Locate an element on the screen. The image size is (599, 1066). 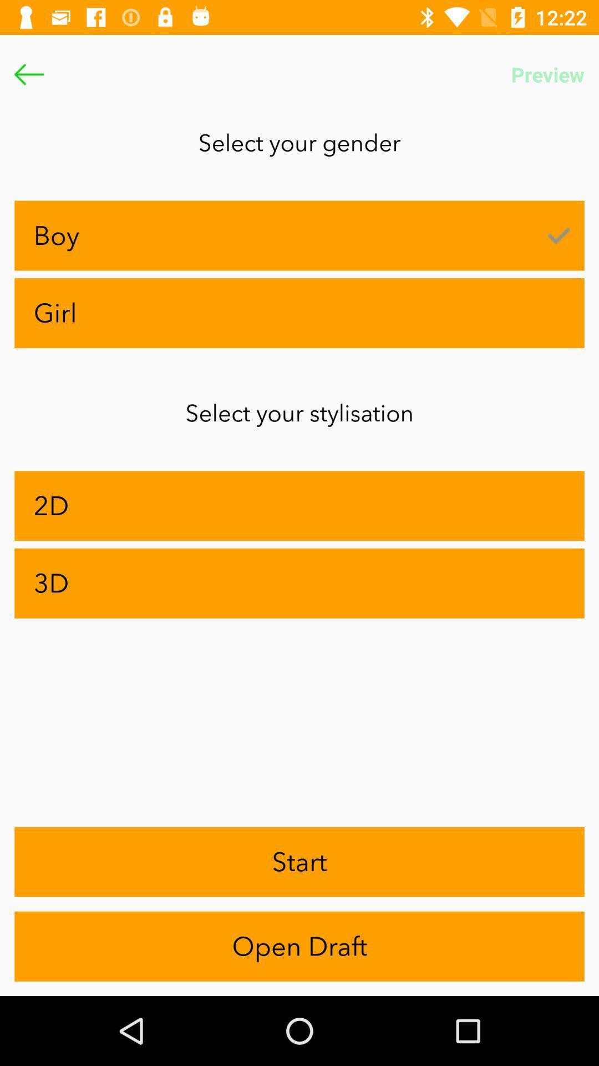
the start item is located at coordinates (299, 861).